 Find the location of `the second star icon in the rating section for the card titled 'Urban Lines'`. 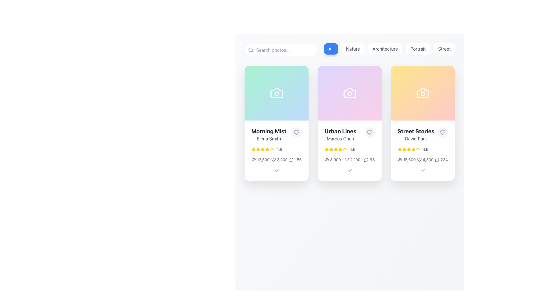

the second star icon in the rating section for the card titled 'Urban Lines' is located at coordinates (336, 149).